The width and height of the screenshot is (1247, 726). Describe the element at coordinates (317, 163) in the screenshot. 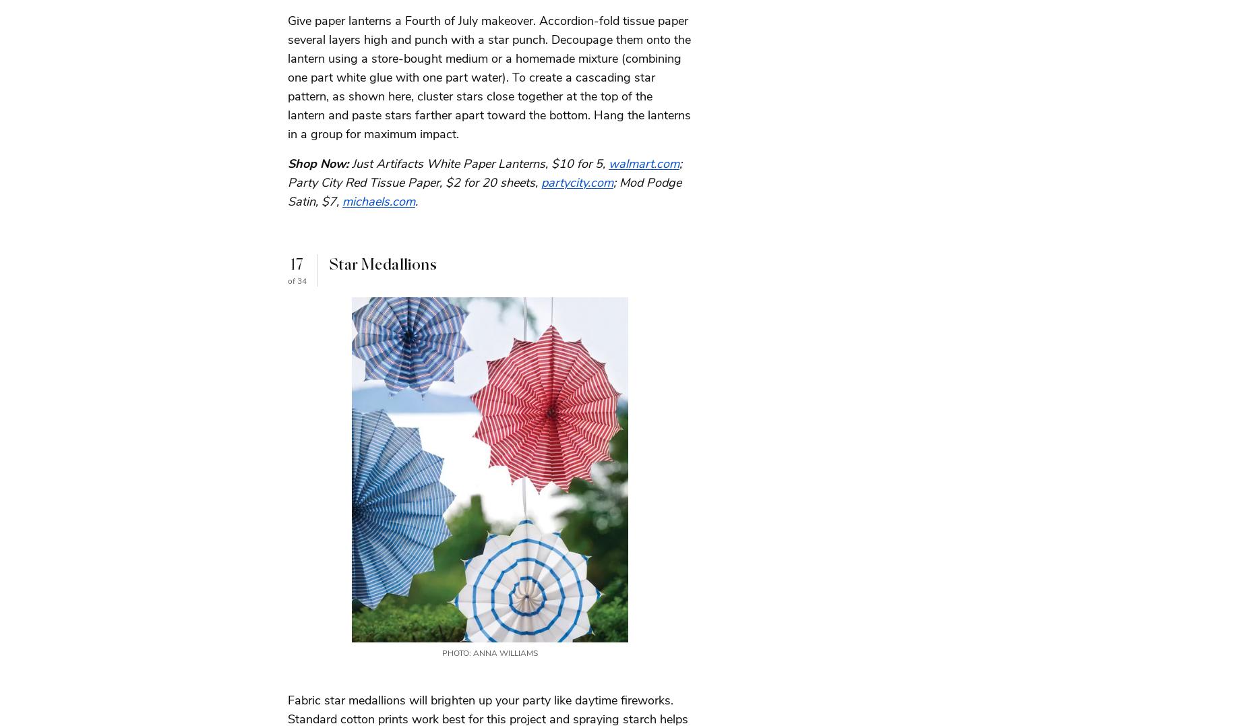

I see `'Shop Now:'` at that location.